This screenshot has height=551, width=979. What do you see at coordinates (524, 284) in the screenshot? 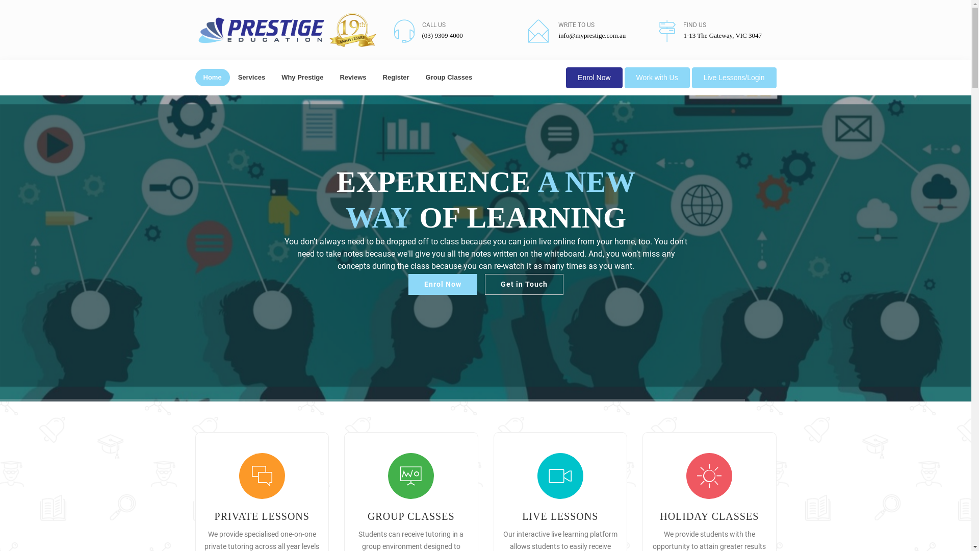
I see `'Get in Touch'` at bounding box center [524, 284].